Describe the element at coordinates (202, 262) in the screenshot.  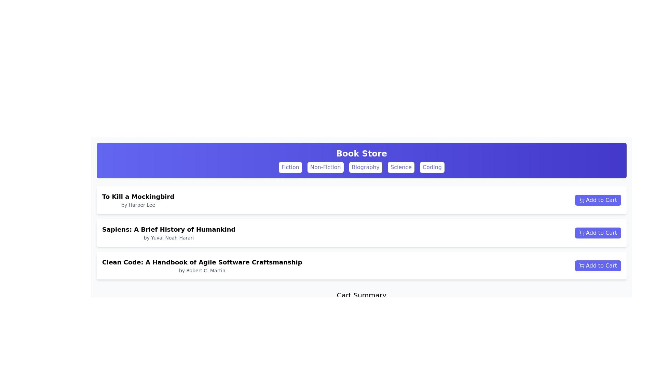
I see `the static text element displaying 'Clean Code: A Handbook of Agile Software Craftsmanship' which is prominently styled in black and located in the middle of the interface as the title of the third book entry` at that location.